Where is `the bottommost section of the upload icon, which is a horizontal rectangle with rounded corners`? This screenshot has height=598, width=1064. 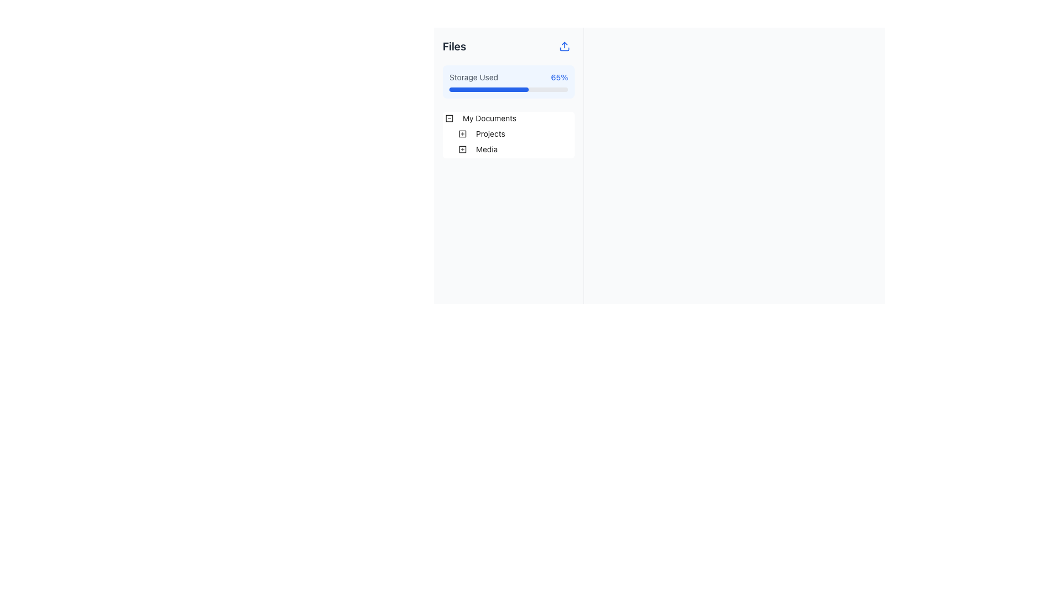
the bottommost section of the upload icon, which is a horizontal rectangle with rounded corners is located at coordinates (565, 48).